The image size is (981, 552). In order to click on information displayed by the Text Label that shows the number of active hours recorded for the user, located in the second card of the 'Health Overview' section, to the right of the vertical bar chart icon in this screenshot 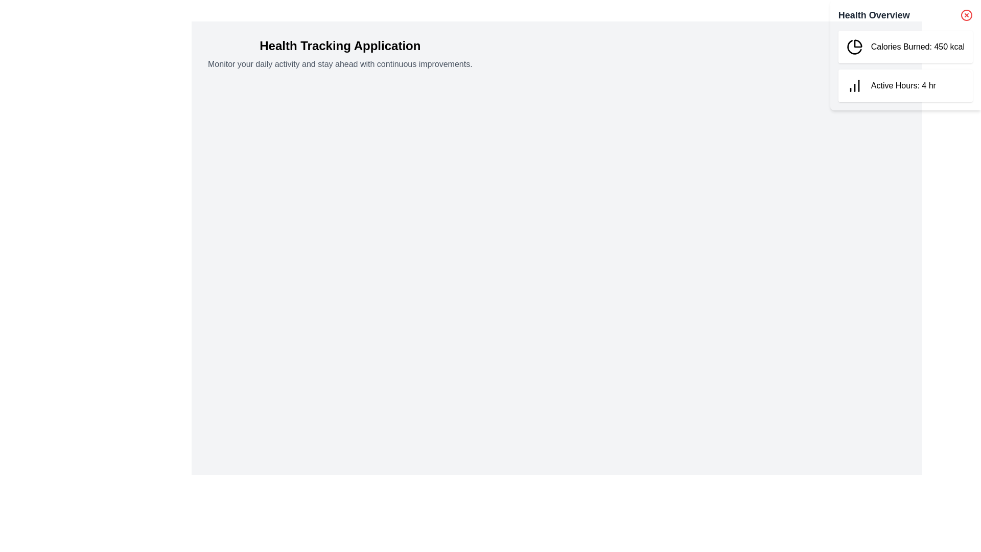, I will do `click(903, 85)`.